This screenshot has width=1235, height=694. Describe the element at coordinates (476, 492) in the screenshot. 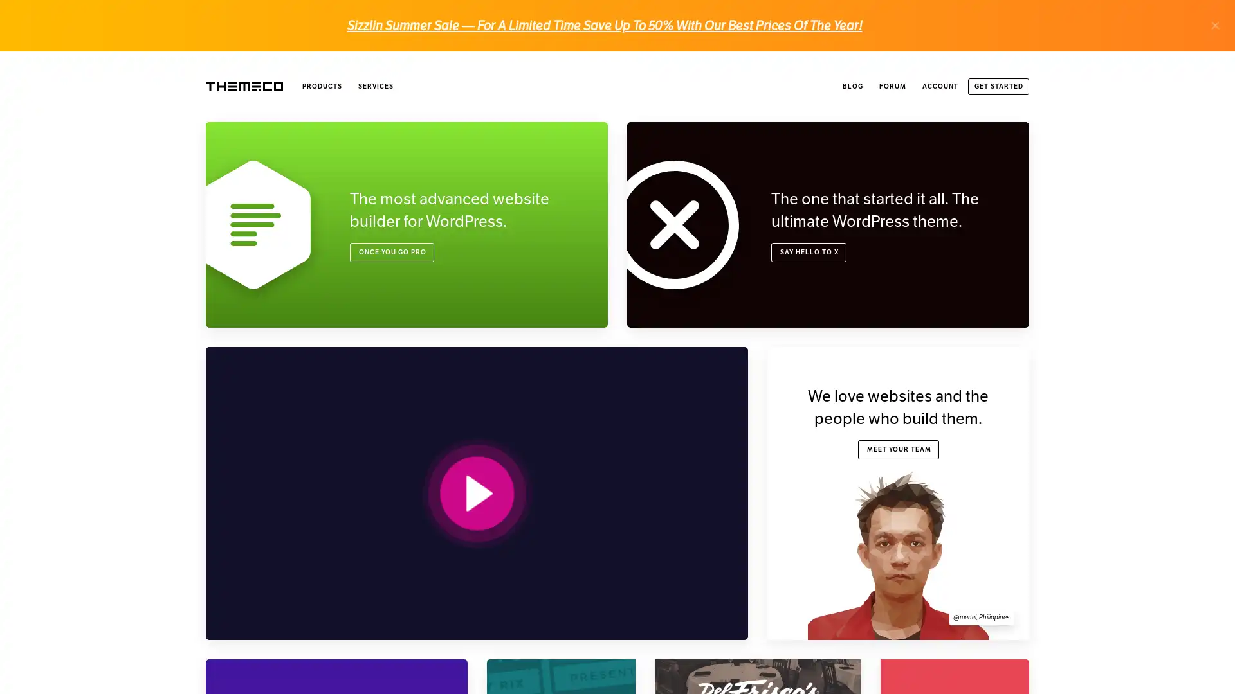

I see `PLAY VIDEO` at that location.